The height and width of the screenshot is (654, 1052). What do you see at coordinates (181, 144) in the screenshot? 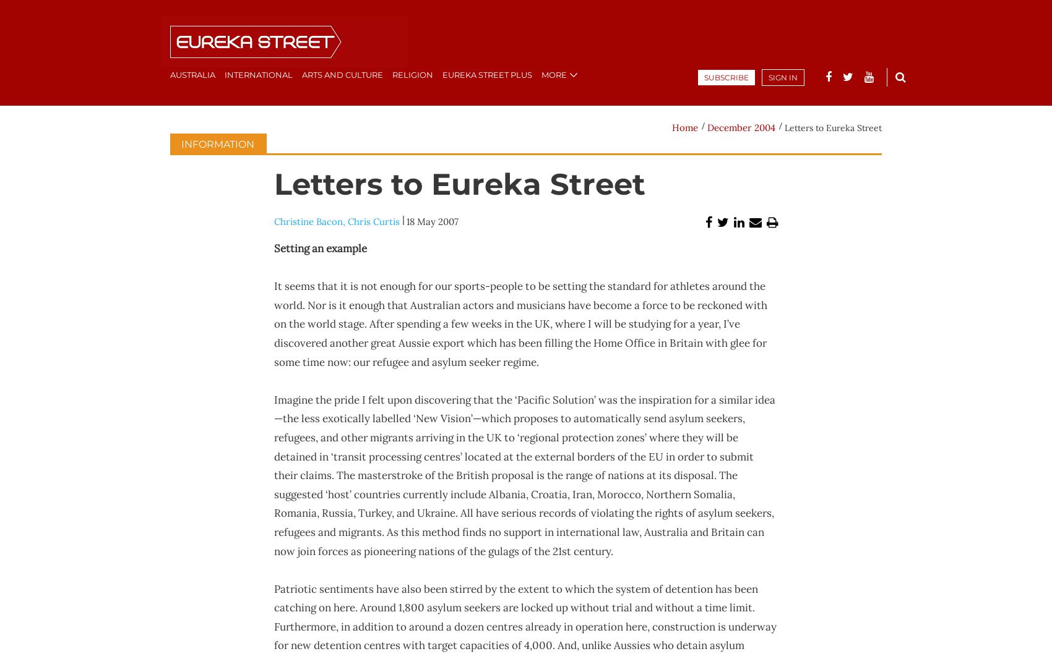
I see `'INFORMATION'` at bounding box center [181, 144].